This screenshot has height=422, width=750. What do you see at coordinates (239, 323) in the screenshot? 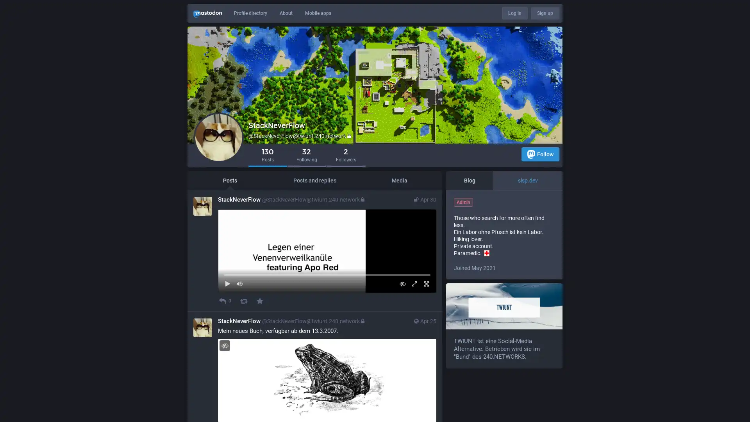
I see `Mute sound` at bounding box center [239, 323].